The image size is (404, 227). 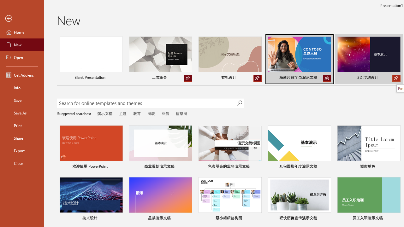 What do you see at coordinates (22, 74) in the screenshot?
I see `'Get Add-ins'` at bounding box center [22, 74].